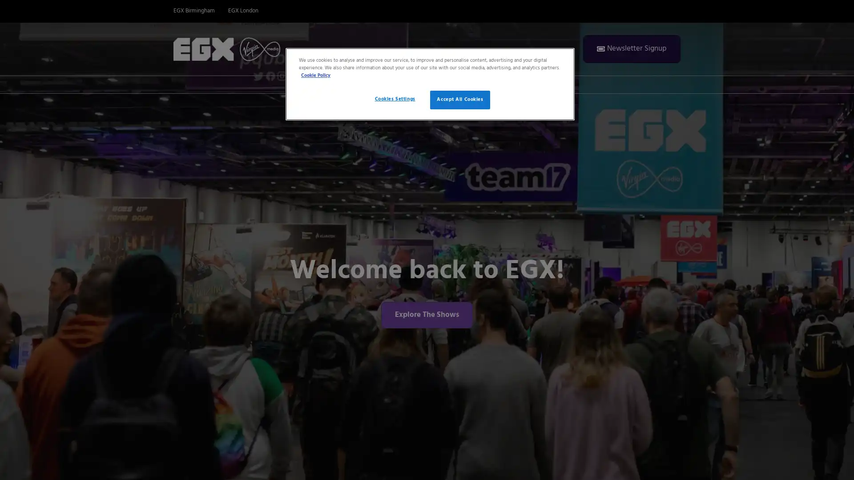 The height and width of the screenshot is (480, 854). What do you see at coordinates (394, 99) in the screenshot?
I see `Cookies Settings` at bounding box center [394, 99].